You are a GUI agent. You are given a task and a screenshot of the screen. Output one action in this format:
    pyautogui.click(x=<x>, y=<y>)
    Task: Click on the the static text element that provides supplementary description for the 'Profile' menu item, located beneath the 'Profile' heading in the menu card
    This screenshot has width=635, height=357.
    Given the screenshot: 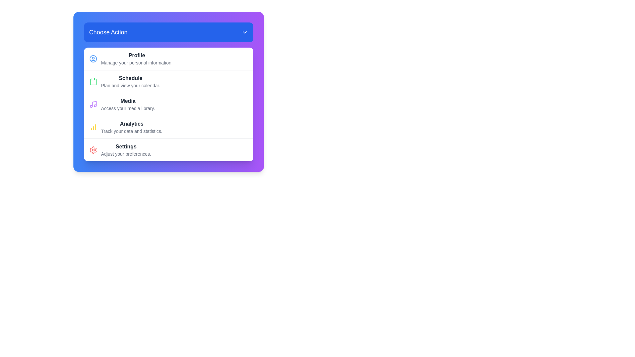 What is the action you would take?
    pyautogui.click(x=136, y=62)
    